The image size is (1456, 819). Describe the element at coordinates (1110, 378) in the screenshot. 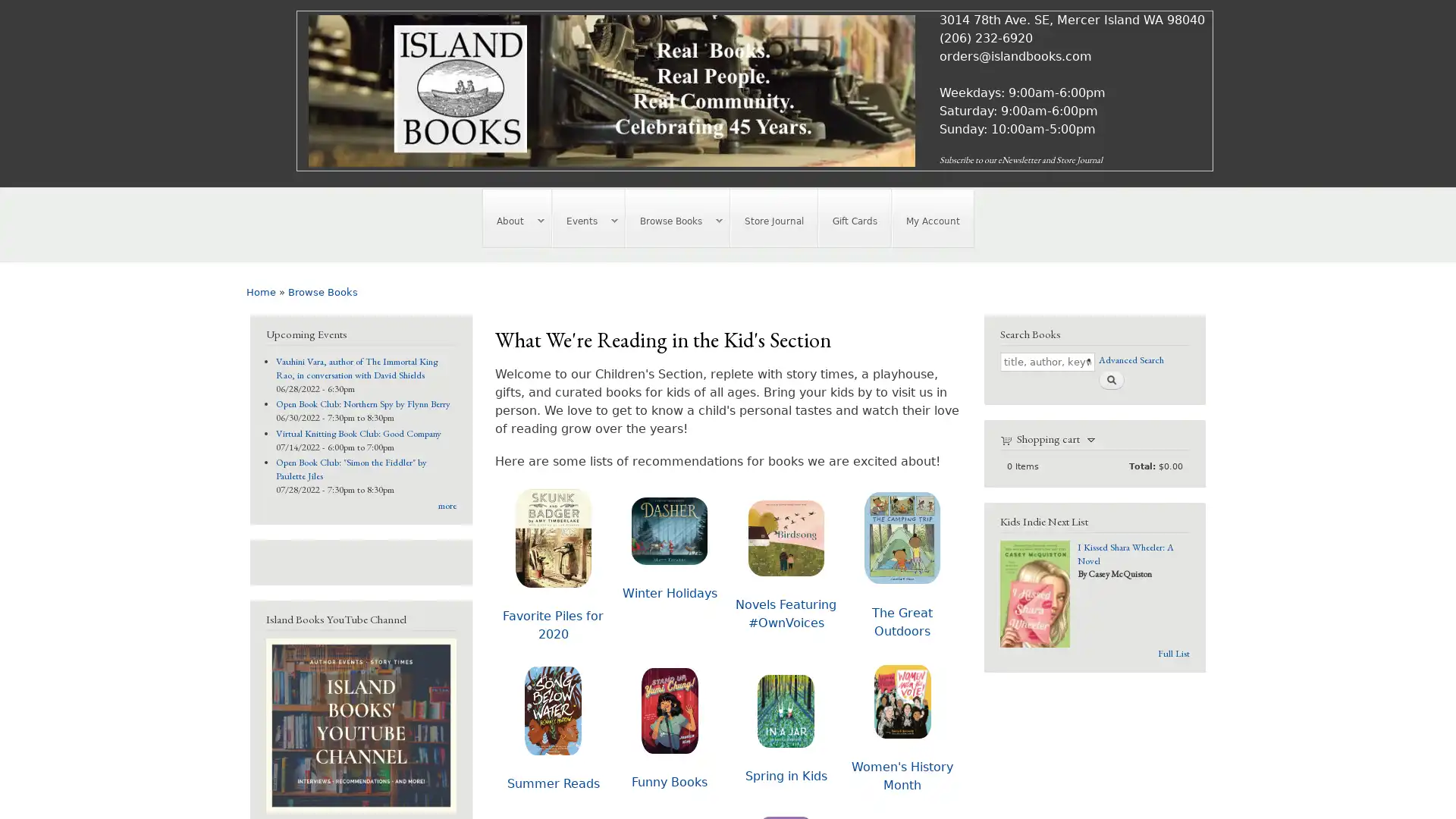

I see `Search` at that location.